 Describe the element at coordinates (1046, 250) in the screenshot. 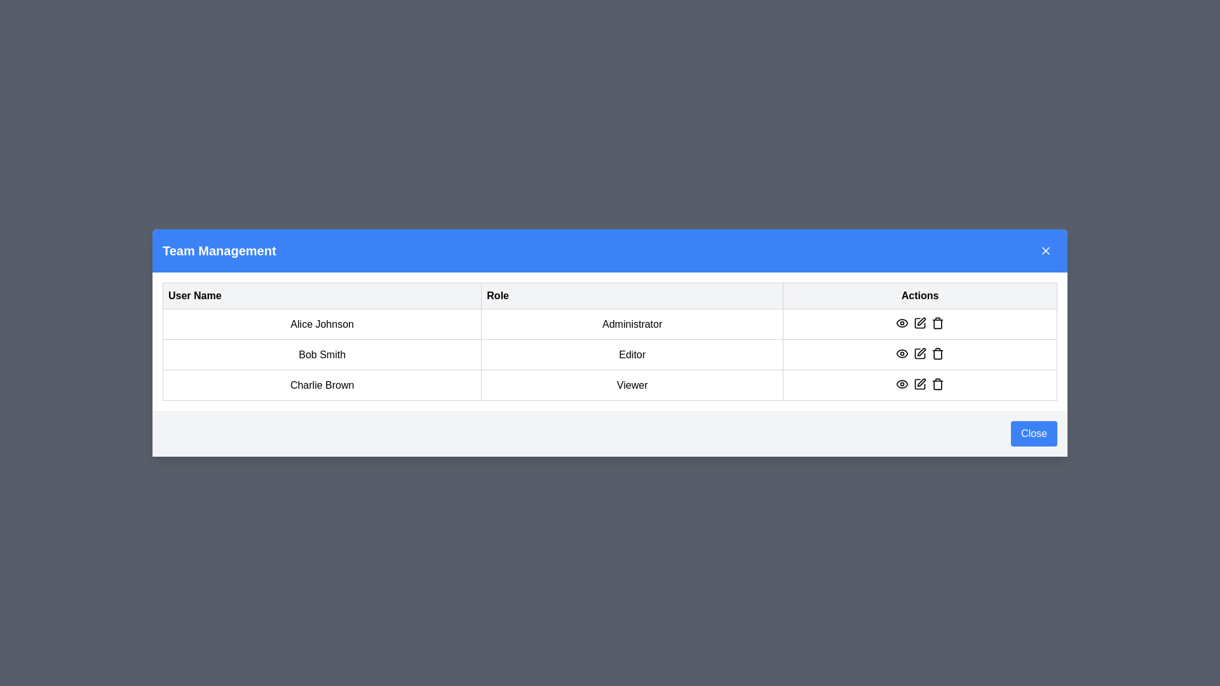

I see `the small button with a white cross icon against a blue background located in the top-right corner of the 'Team Management' header` at that location.